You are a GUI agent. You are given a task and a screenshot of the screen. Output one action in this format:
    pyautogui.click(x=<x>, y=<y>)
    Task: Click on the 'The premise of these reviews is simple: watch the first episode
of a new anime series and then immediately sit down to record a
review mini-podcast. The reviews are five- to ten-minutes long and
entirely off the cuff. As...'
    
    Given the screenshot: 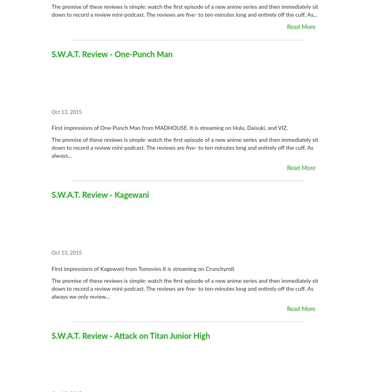 What is the action you would take?
    pyautogui.click(x=184, y=11)
    